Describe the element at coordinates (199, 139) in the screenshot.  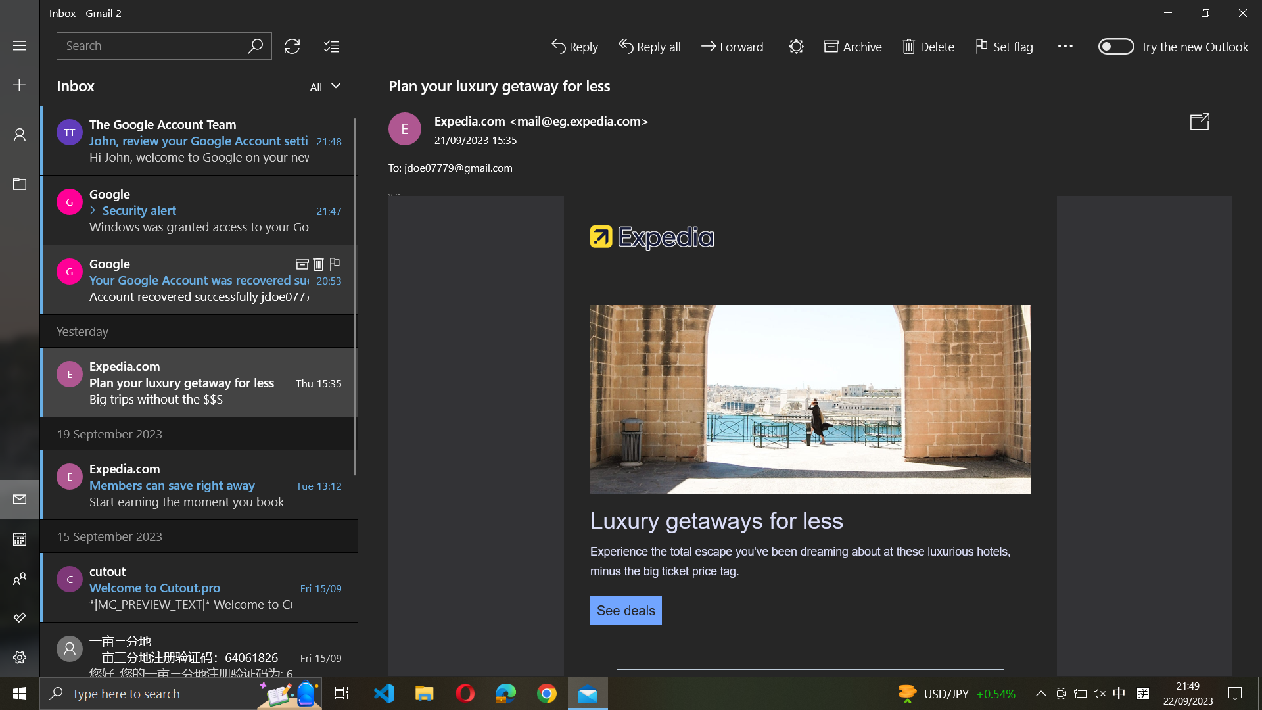
I see `the top email in the inbox and set it as read` at that location.